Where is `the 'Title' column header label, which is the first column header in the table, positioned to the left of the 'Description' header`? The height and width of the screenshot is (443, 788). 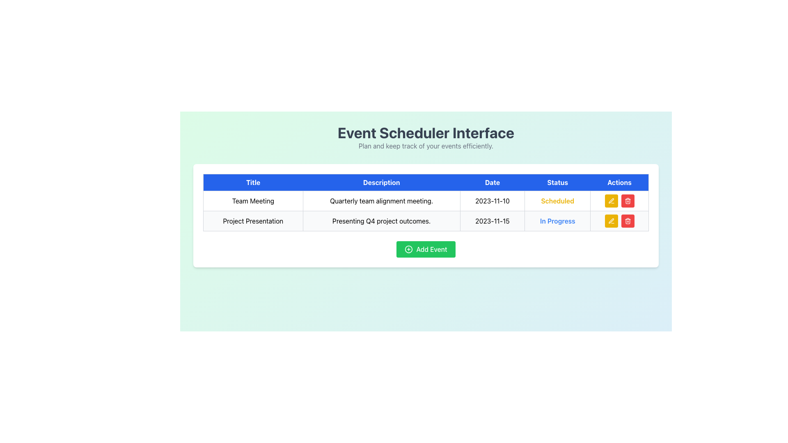 the 'Title' column header label, which is the first column header in the table, positioned to the left of the 'Description' header is located at coordinates (252, 182).